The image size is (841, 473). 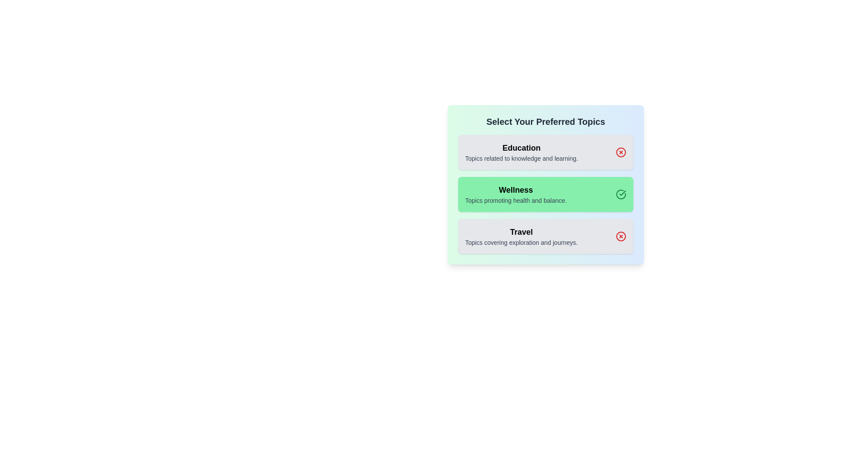 I want to click on the topic Education to view its description, so click(x=521, y=152).